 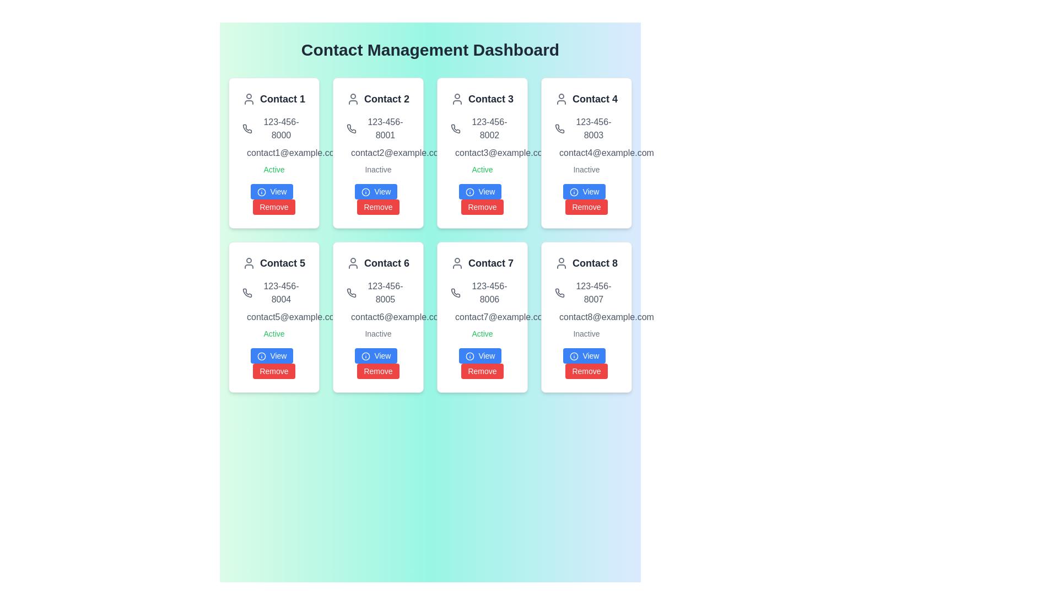 What do you see at coordinates (559, 128) in the screenshot?
I see `the phone contact icon located to the left of the phone number '123-456-8003' under 'Contact 4'` at bounding box center [559, 128].